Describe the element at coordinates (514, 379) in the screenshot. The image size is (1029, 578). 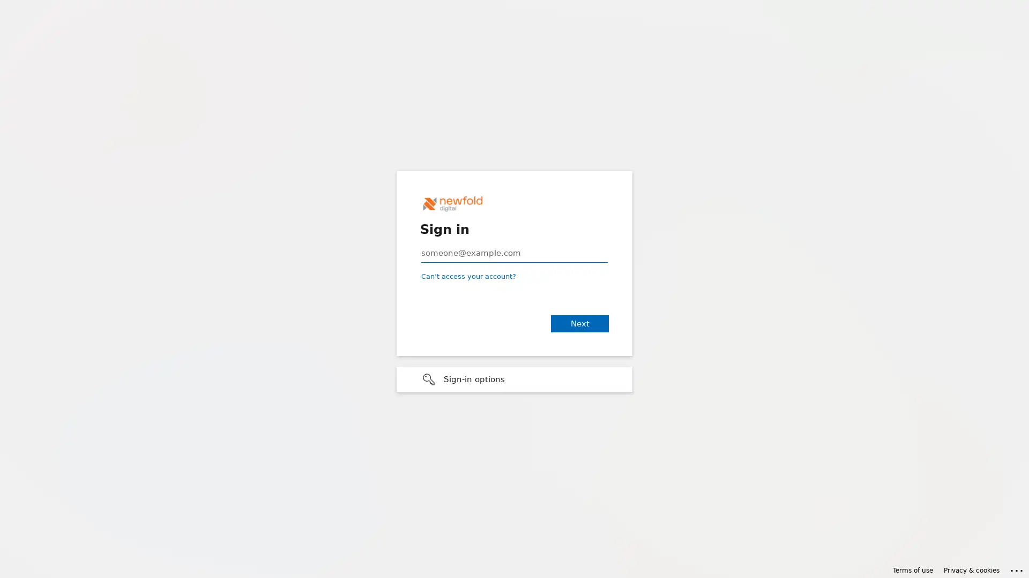
I see `Sign-in options` at that location.